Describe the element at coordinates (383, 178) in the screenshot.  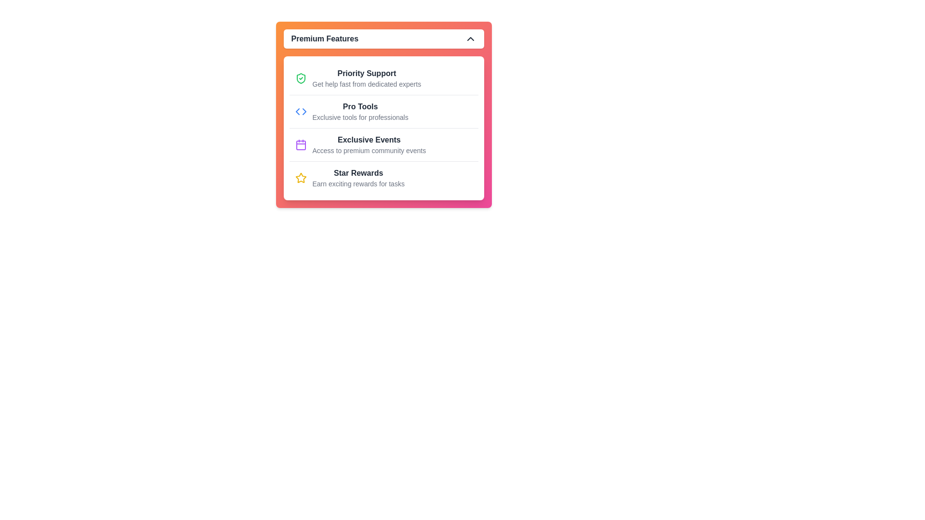
I see `the interactive list item titled 'Star Rewards'` at that location.